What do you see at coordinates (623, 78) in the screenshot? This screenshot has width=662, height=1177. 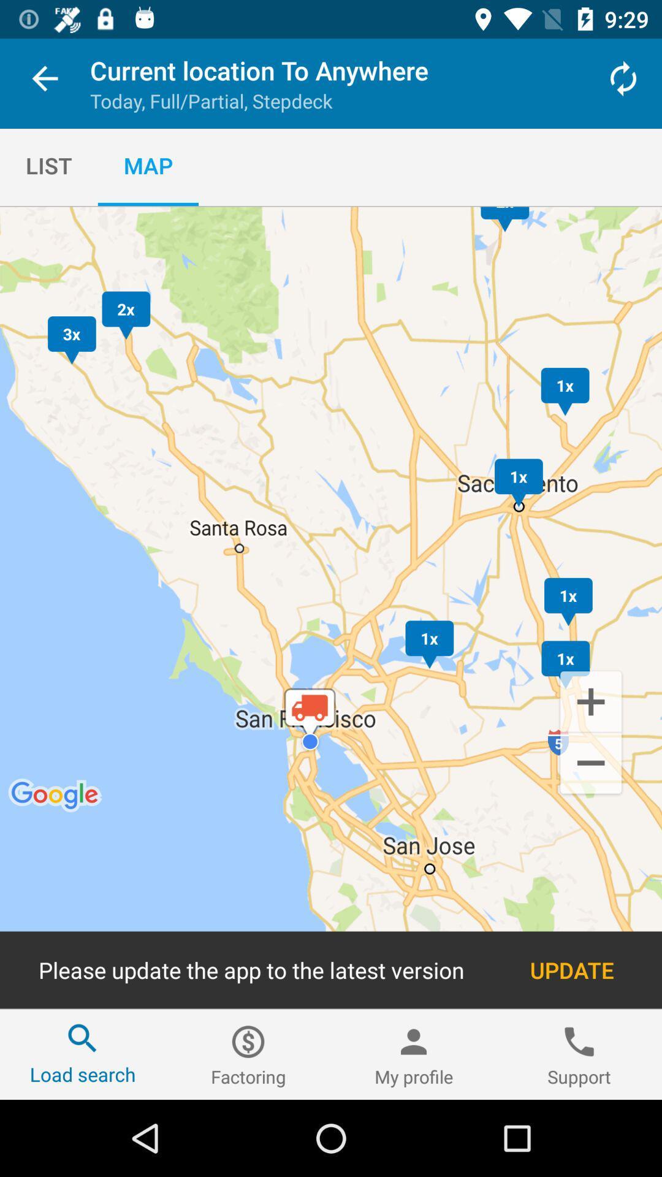 I see `icon next to the current location to icon` at bounding box center [623, 78].